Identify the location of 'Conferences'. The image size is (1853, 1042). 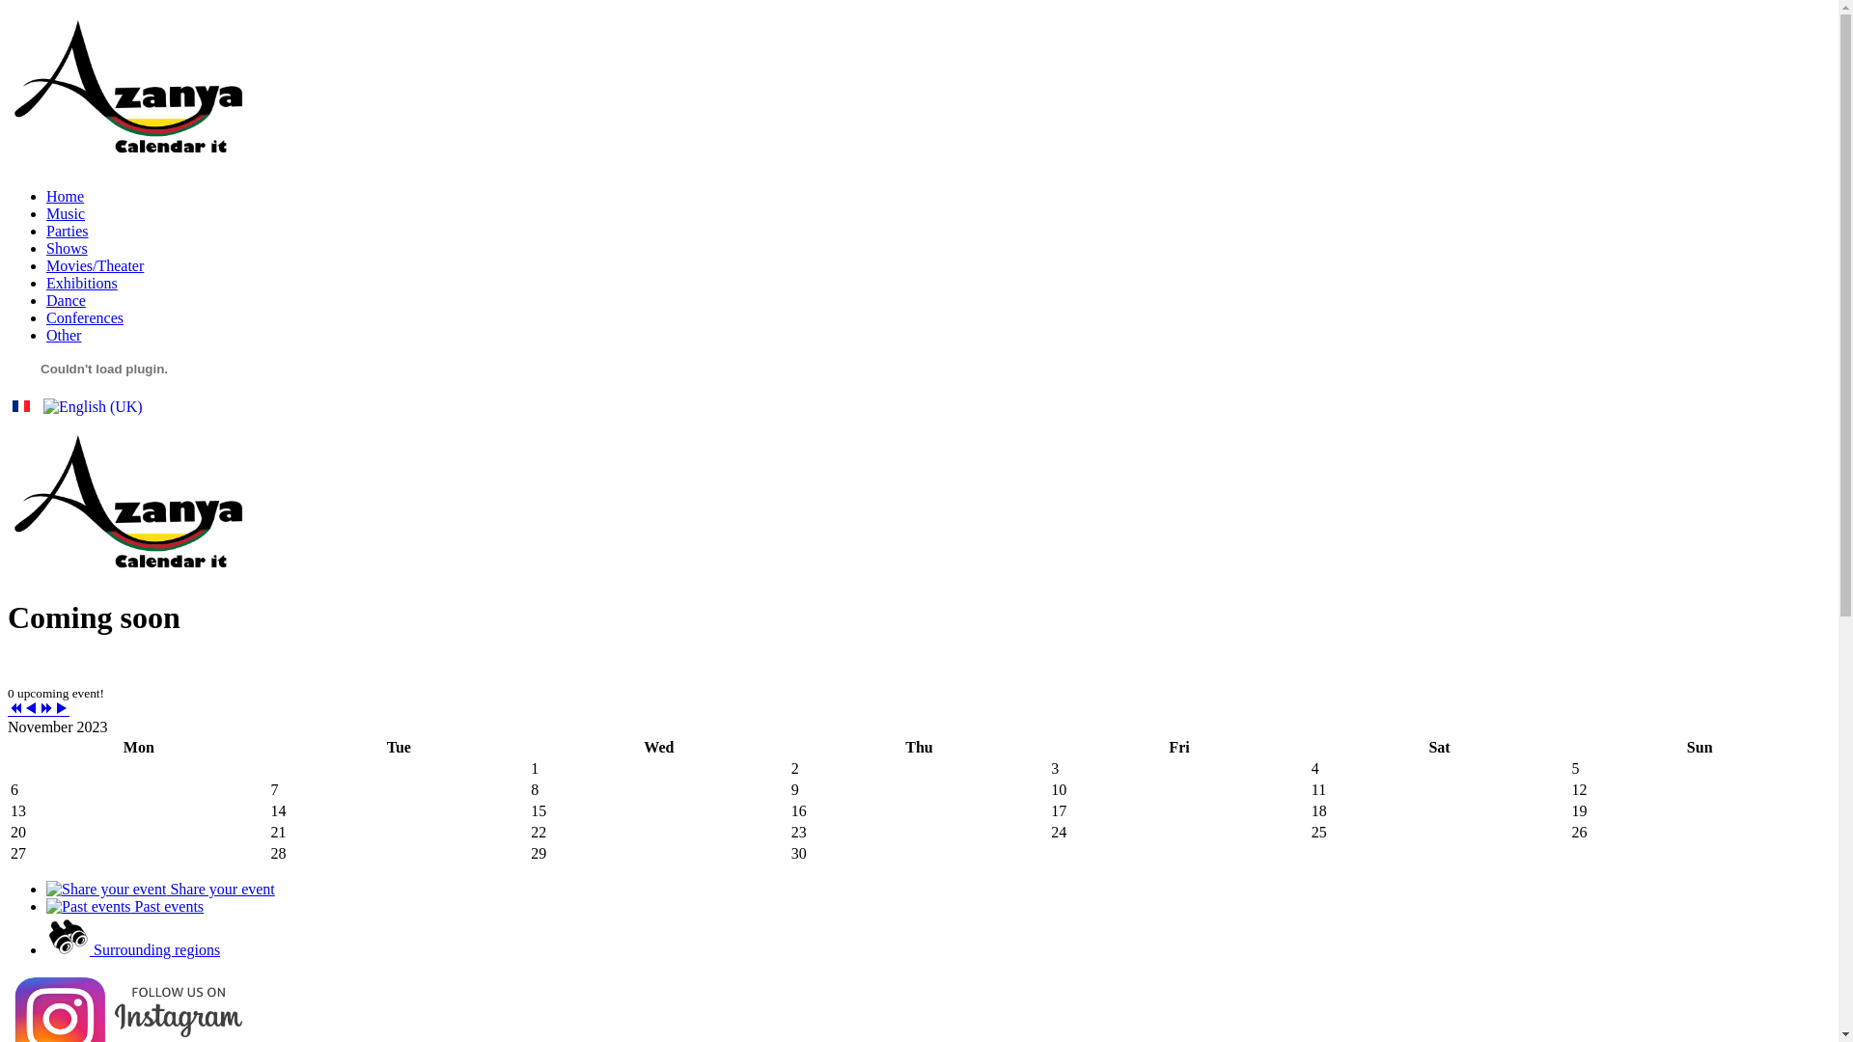
(46, 316).